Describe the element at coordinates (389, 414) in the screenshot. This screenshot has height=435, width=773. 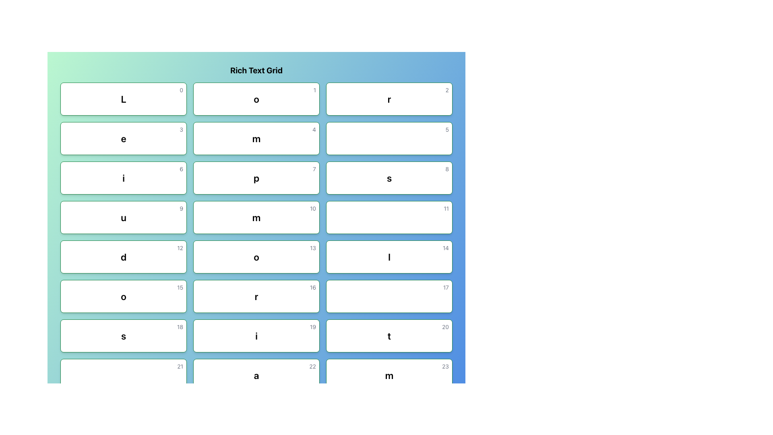
I see `the display tile with a white background and green border that contains a large comma and the number '26' in the top-right corner, located in the last row's last column of the grid` at that location.